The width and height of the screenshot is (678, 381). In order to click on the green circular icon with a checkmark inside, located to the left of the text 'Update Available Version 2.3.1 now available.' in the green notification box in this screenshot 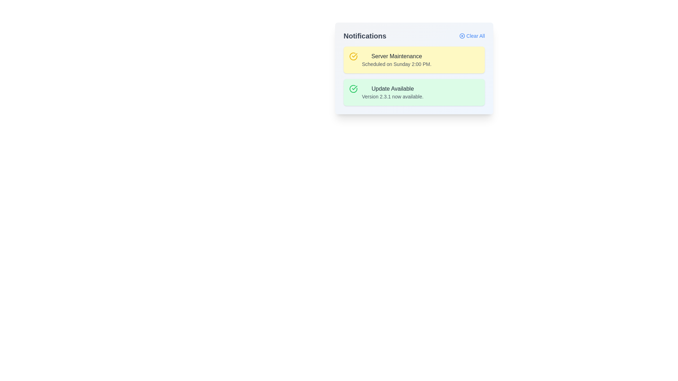, I will do `click(353, 88)`.